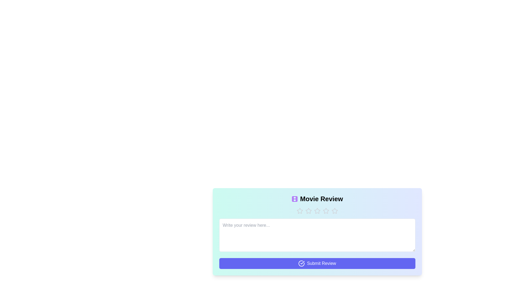 This screenshot has width=523, height=294. What do you see at coordinates (317, 211) in the screenshot?
I see `the button with text 'Star 3' to observe its hover effect` at bounding box center [317, 211].